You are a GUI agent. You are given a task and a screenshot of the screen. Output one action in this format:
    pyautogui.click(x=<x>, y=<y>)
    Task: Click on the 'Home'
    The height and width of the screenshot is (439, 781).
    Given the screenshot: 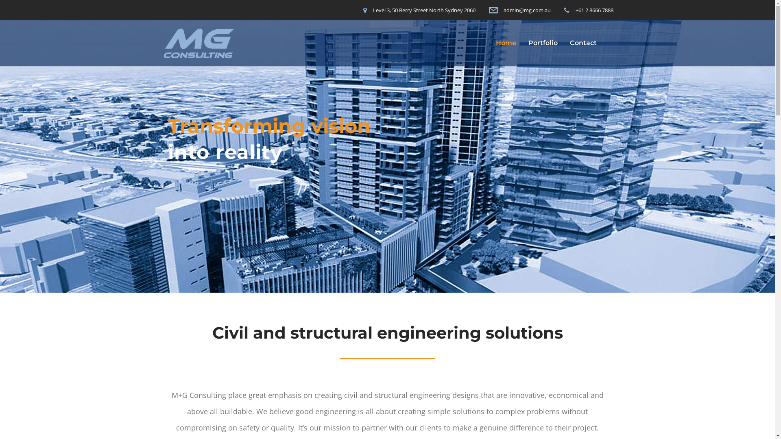 What is the action you would take?
    pyautogui.click(x=505, y=43)
    